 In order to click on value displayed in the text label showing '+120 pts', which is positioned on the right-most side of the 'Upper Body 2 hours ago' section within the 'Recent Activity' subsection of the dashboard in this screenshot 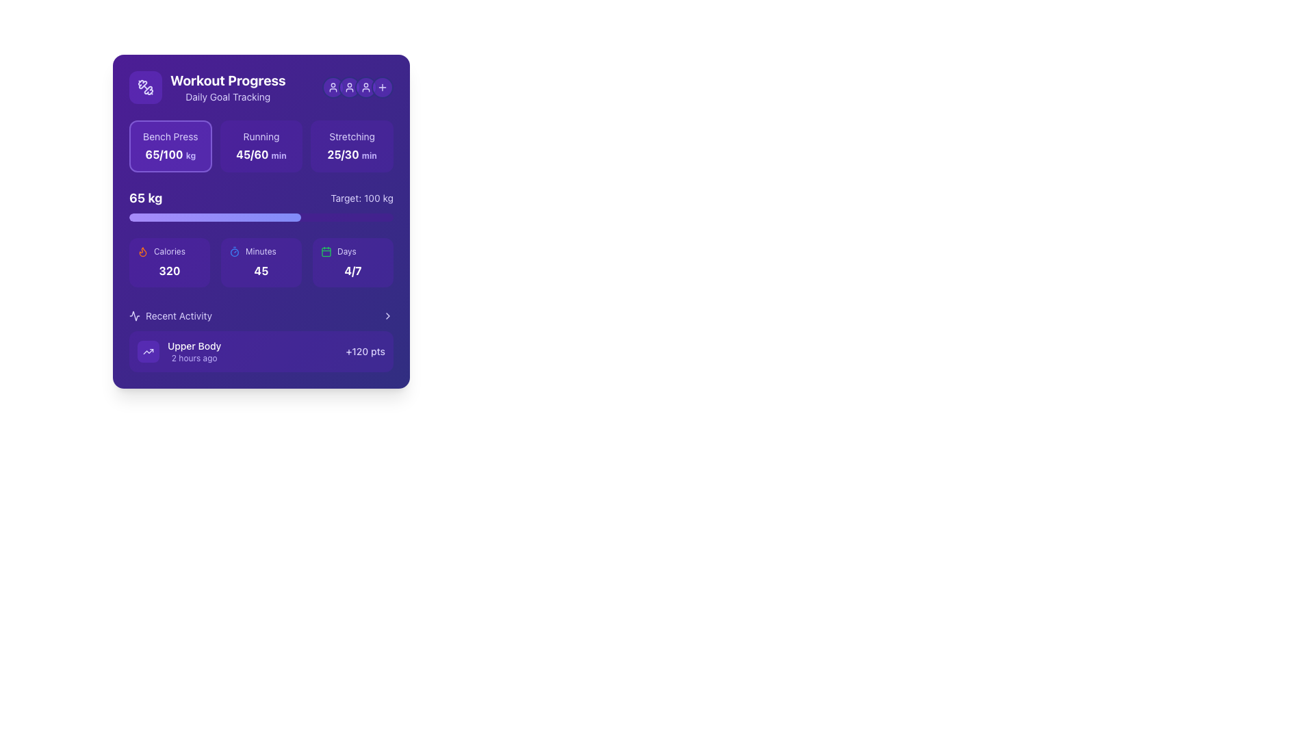, I will do `click(365, 350)`.